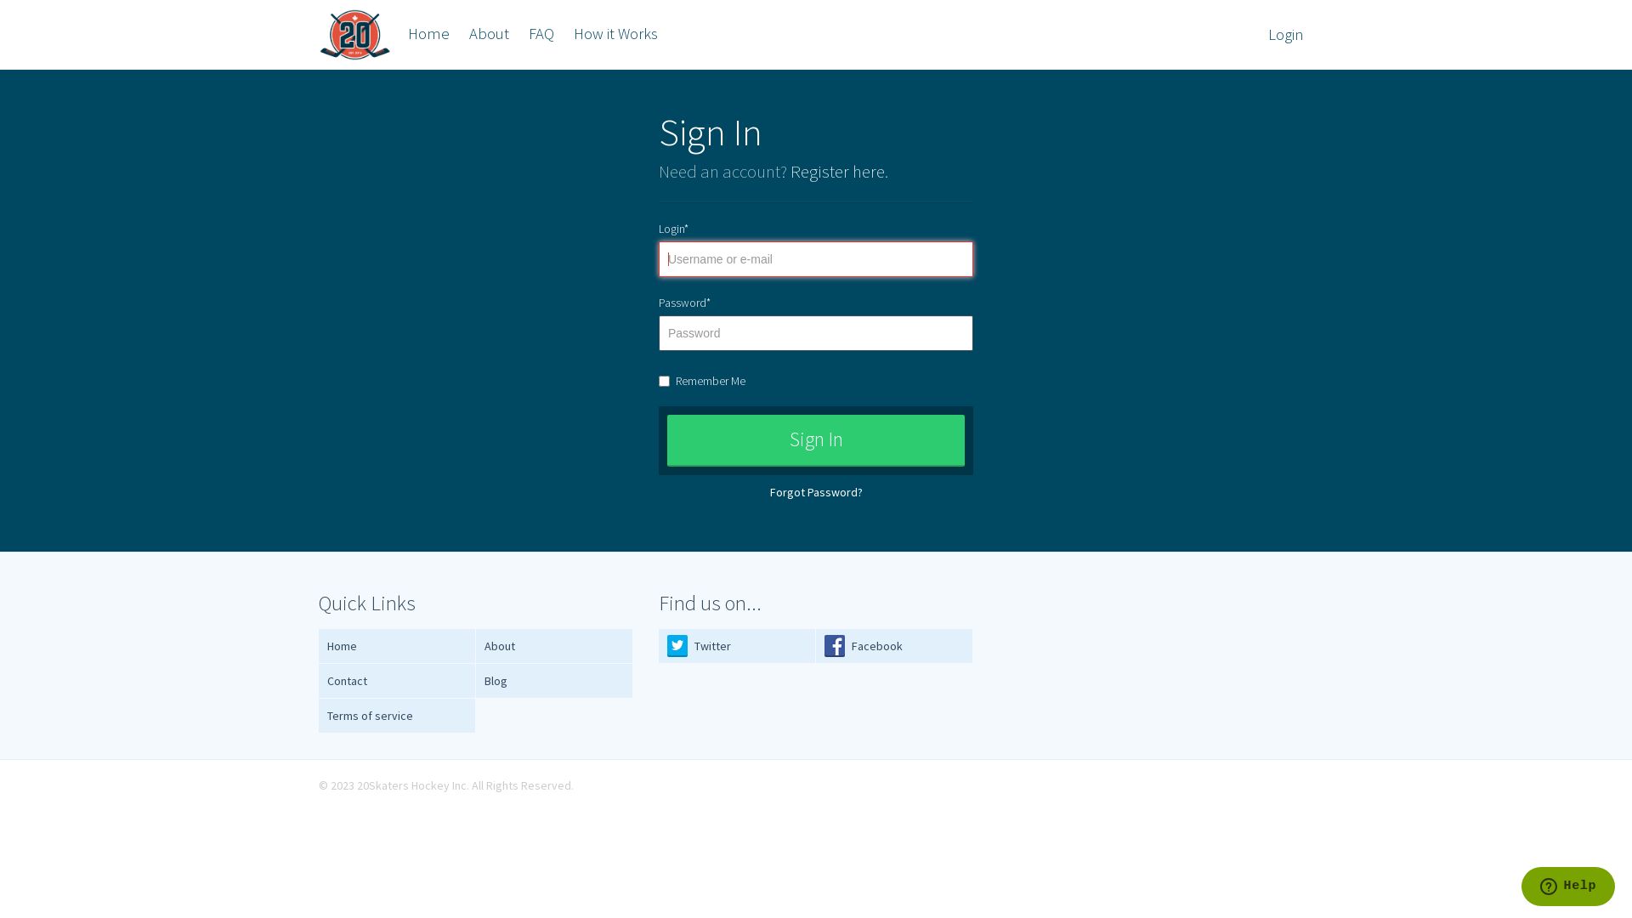 The width and height of the screenshot is (1632, 918). I want to click on 'FAQ', so click(541, 33).